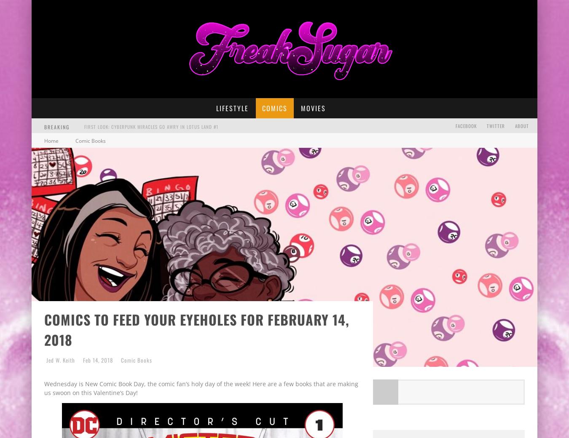 The image size is (569, 438). What do you see at coordinates (44, 126) in the screenshot?
I see `'Breaking'` at bounding box center [44, 126].